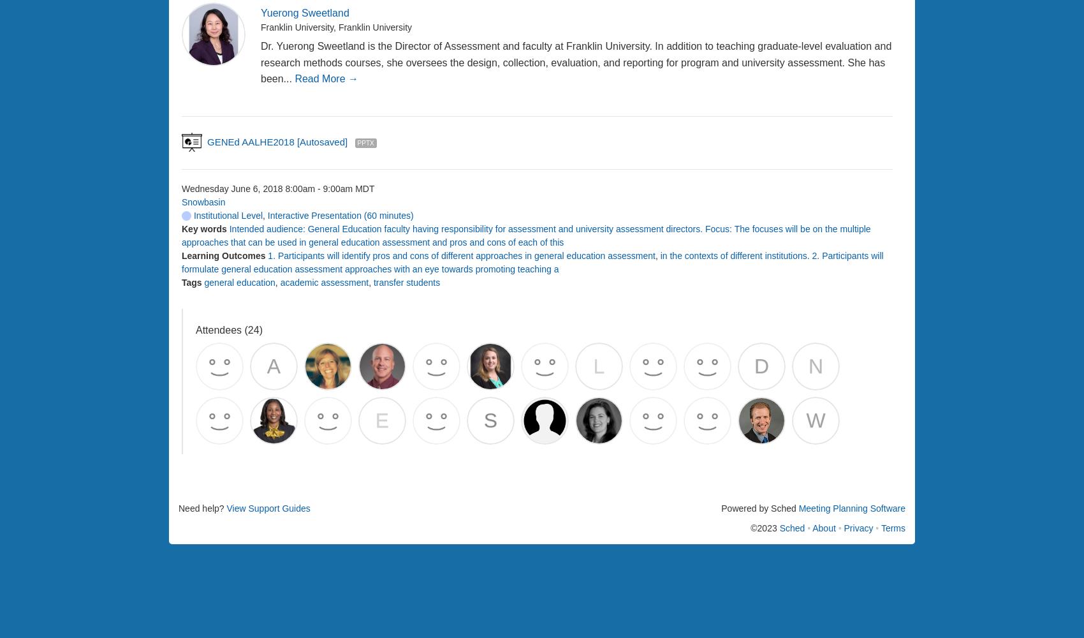 The height and width of the screenshot is (638, 1084). Describe the element at coordinates (791, 527) in the screenshot. I see `'Sched'` at that location.